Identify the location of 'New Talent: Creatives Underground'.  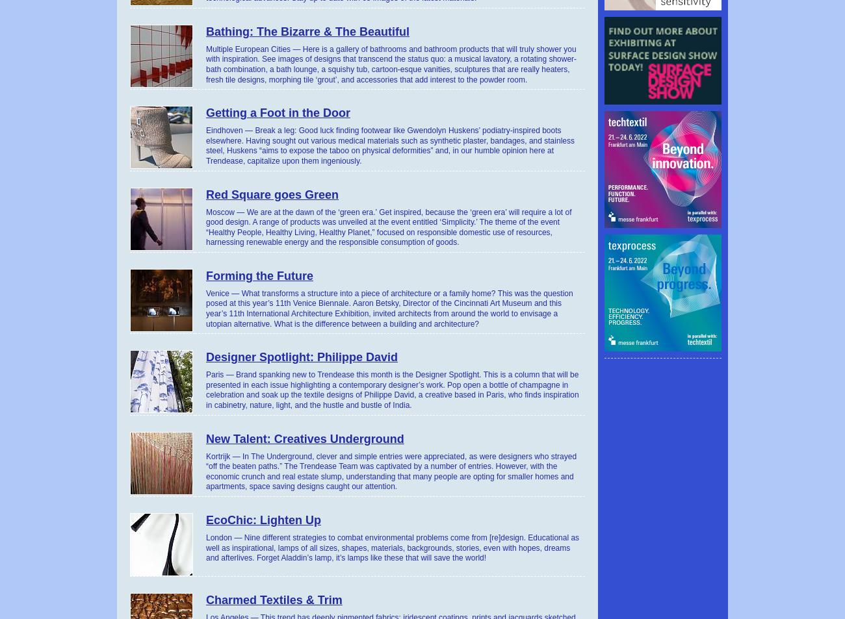
(304, 438).